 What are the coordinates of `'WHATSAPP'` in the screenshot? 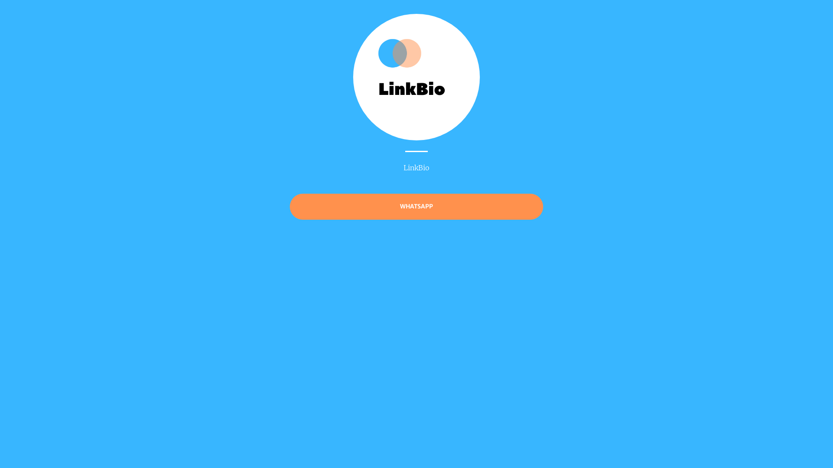 It's located at (416, 207).